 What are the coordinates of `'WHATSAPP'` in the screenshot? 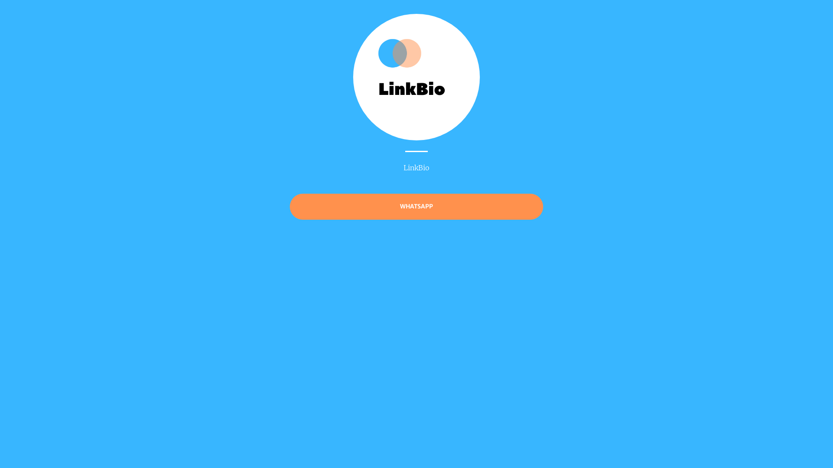 It's located at (416, 207).